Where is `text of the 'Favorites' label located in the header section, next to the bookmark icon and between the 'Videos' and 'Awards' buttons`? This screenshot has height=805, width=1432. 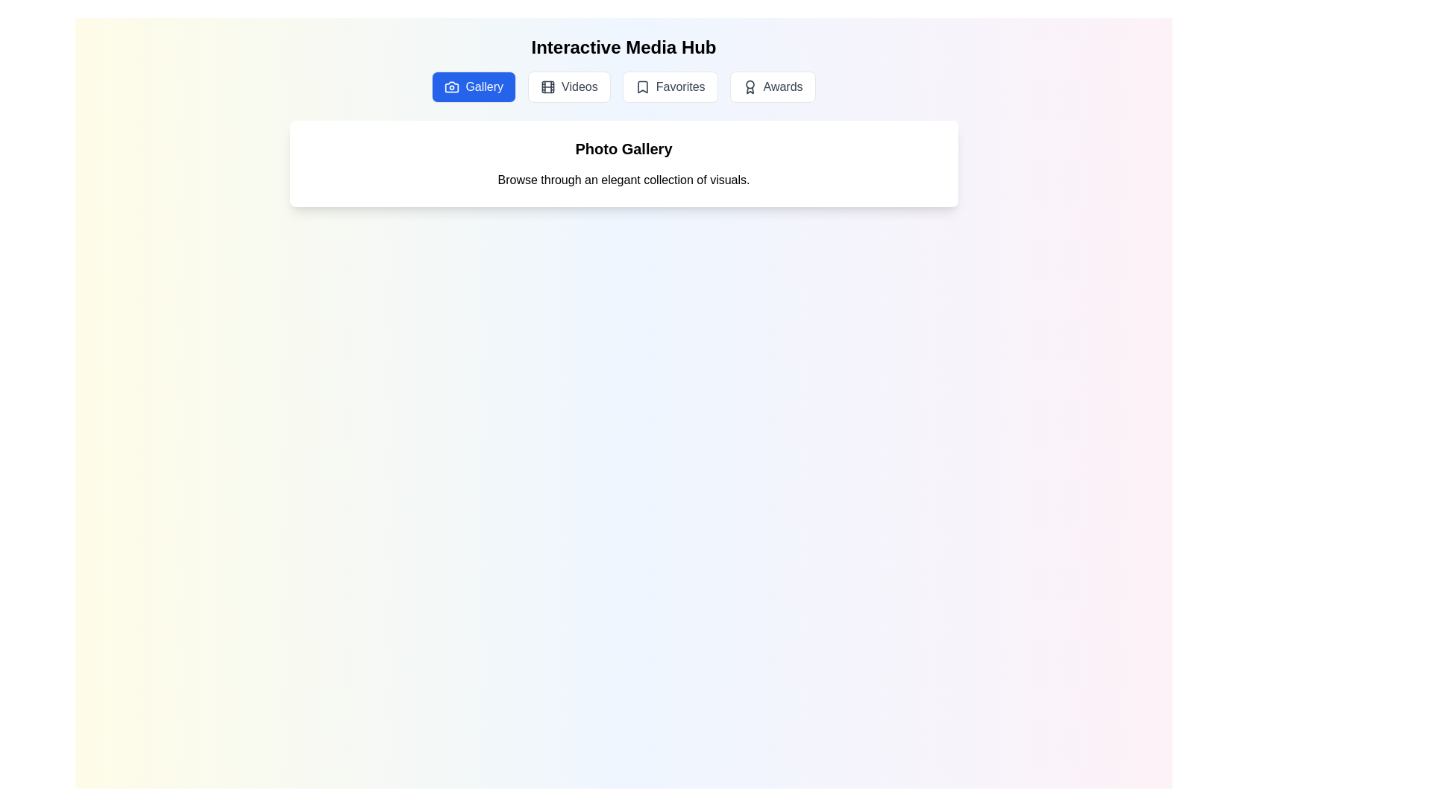 text of the 'Favorites' label located in the header section, next to the bookmark icon and between the 'Videos' and 'Awards' buttons is located at coordinates (679, 86).